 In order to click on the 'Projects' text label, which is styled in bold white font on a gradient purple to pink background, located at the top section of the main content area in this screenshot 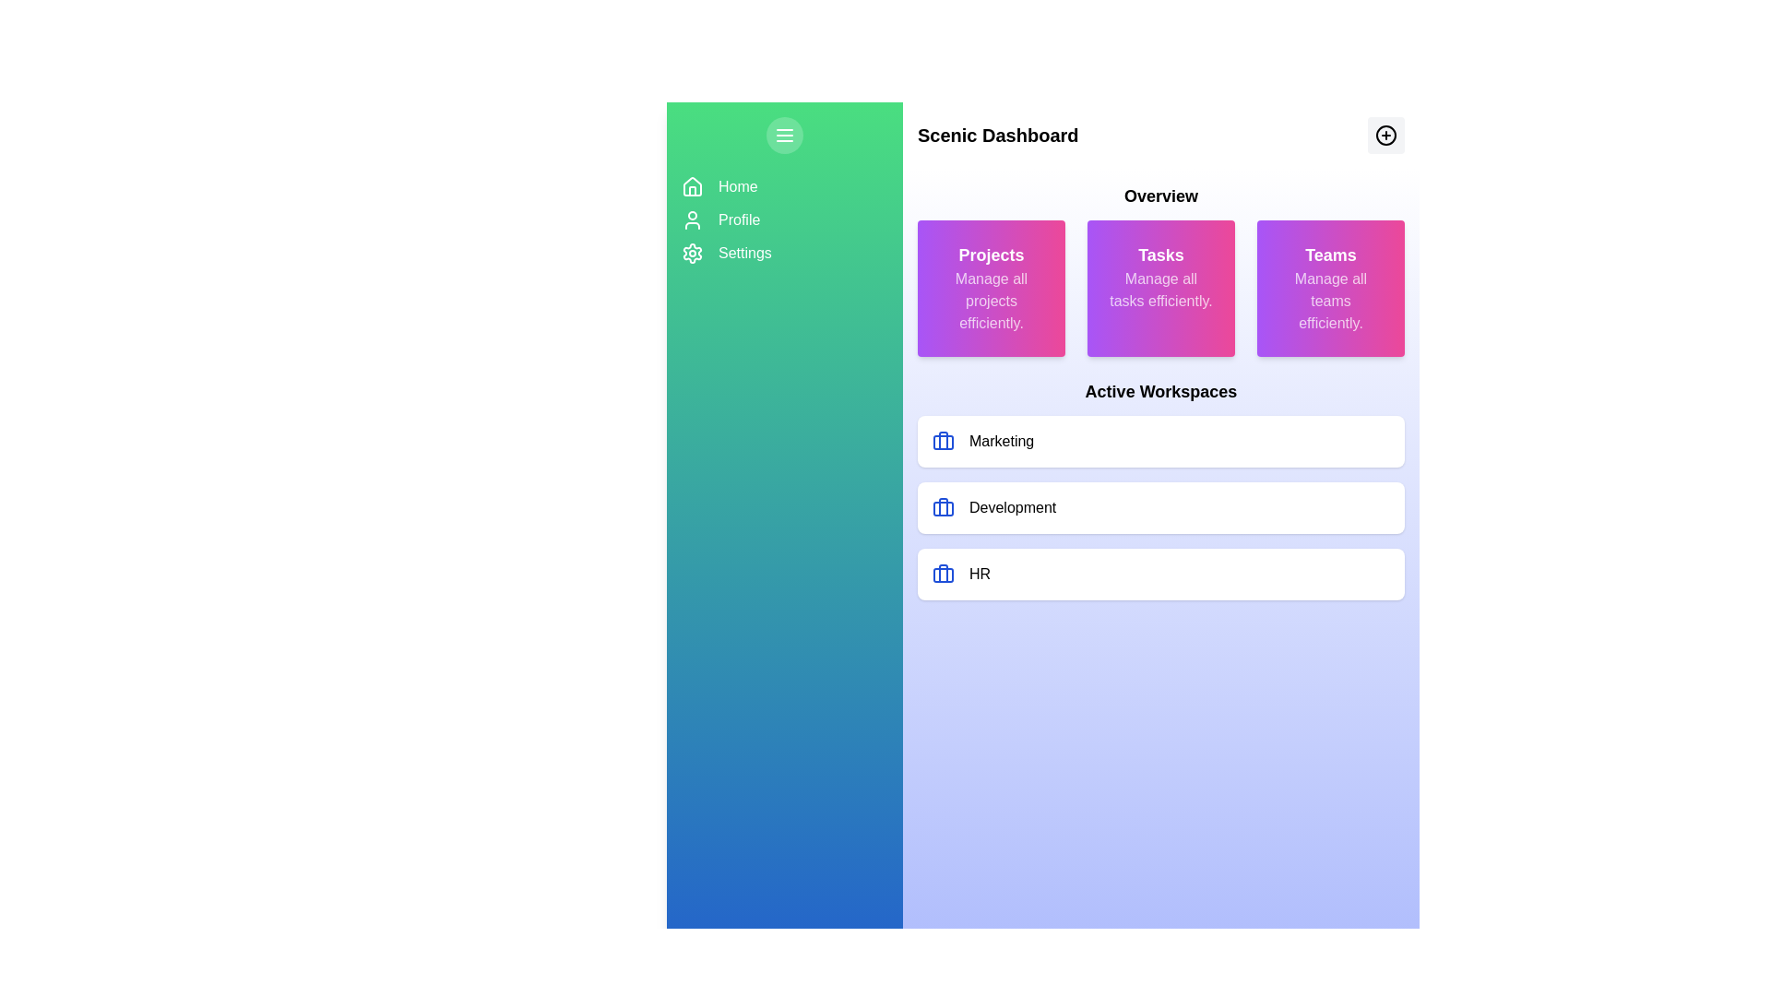, I will do `click(991, 255)`.